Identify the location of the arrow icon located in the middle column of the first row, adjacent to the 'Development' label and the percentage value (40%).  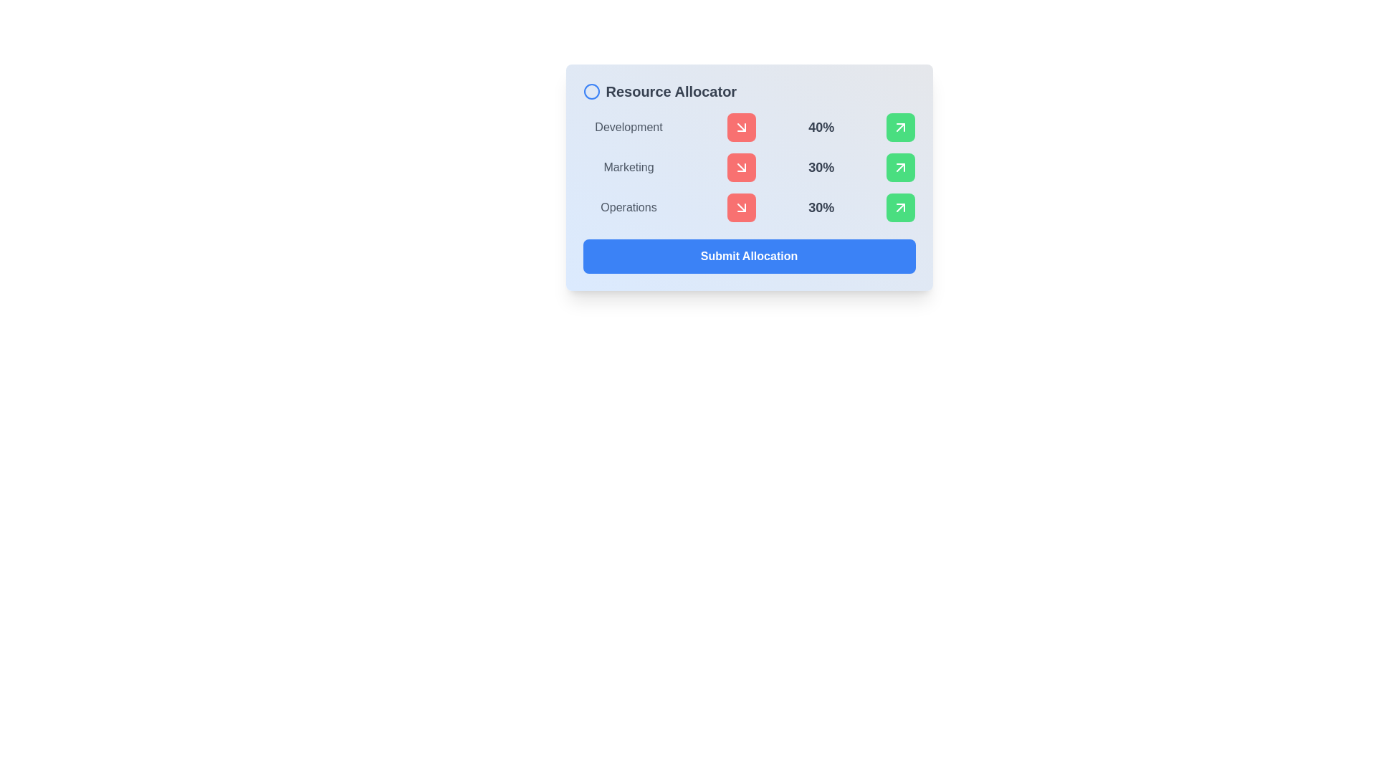
(741, 126).